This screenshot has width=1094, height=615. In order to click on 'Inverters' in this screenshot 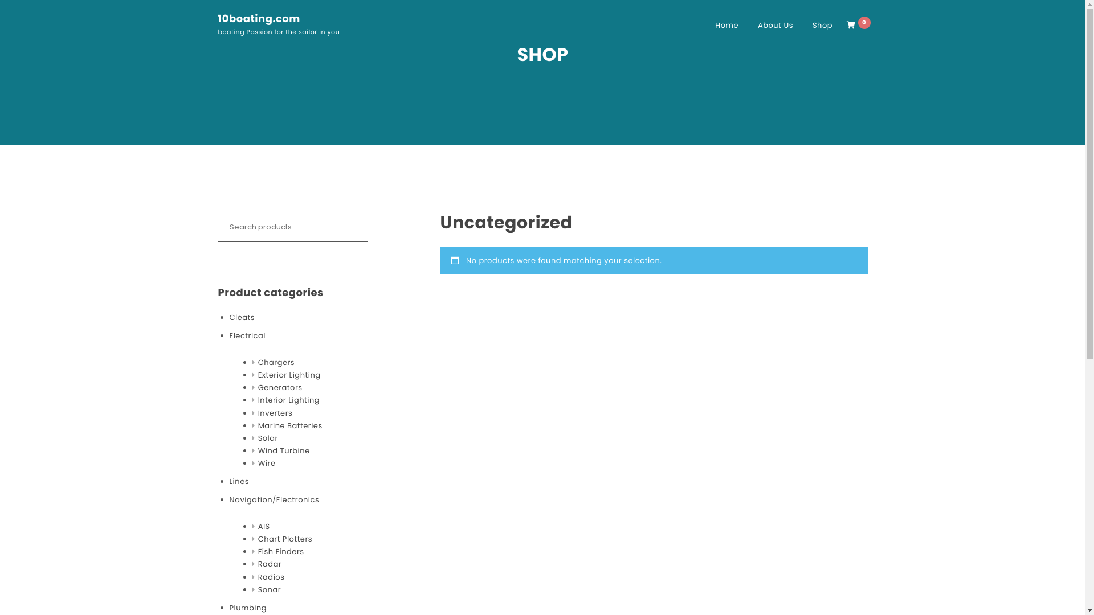, I will do `click(257, 413)`.